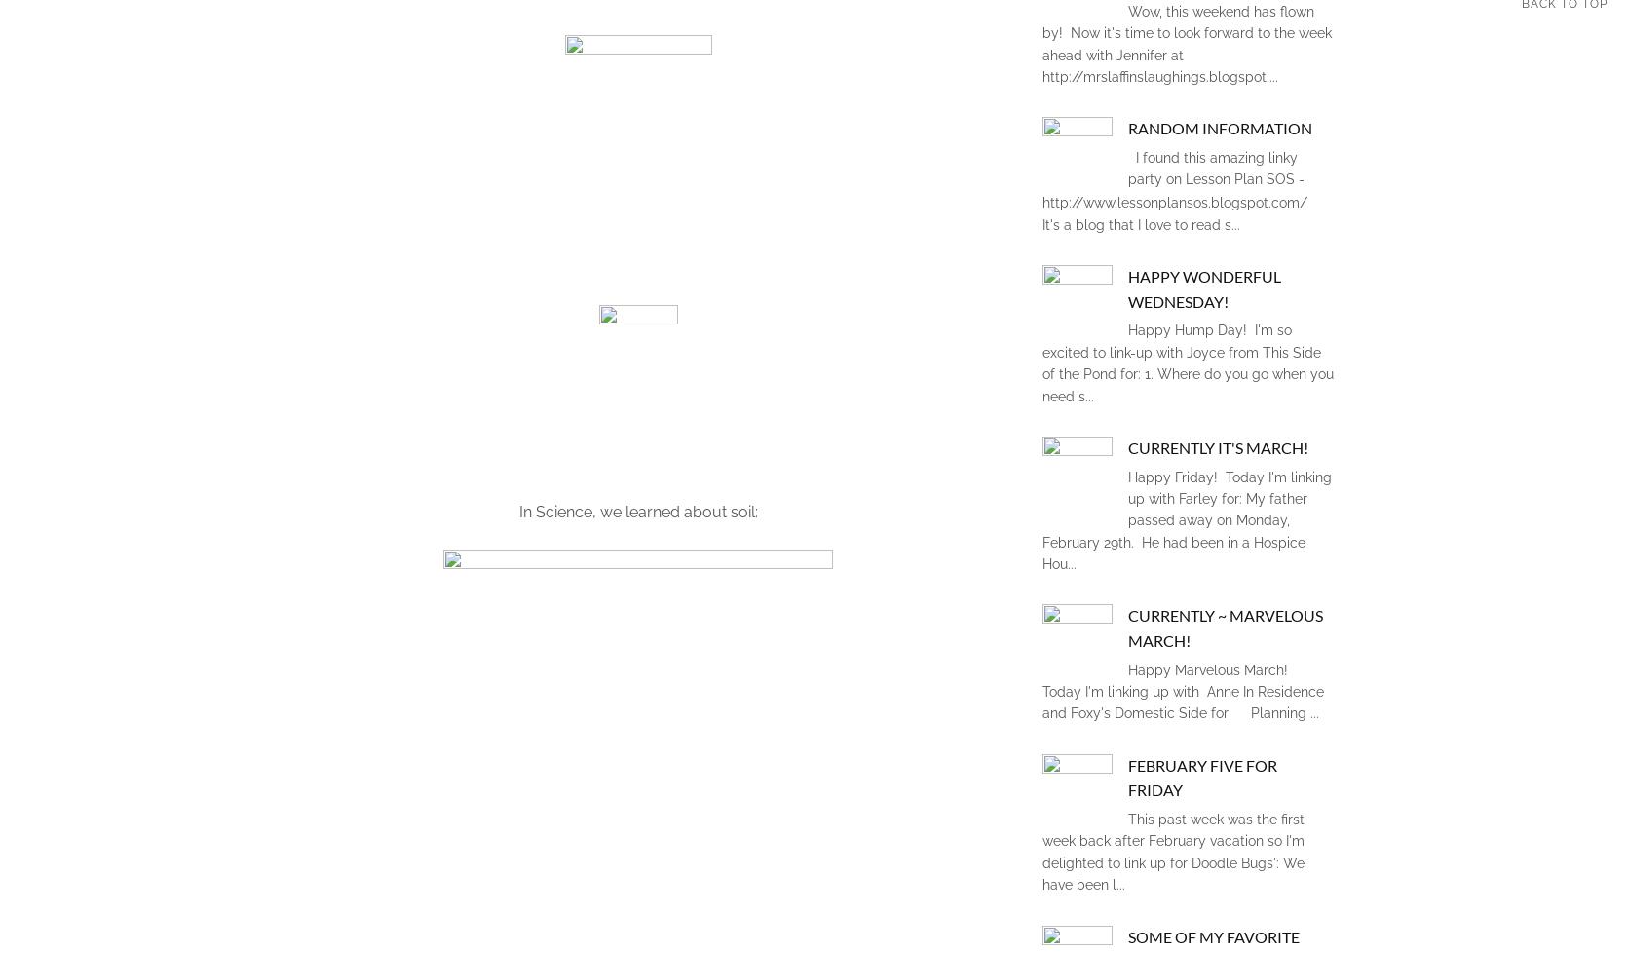 The height and width of the screenshot is (953, 1627). What do you see at coordinates (1041, 519) in the screenshot?
I see `'Happy Friday!  Today I'm linking up with Farley for:      My father passed away on Monday, February 29th.  He had been in a Hospice Hou...'` at bounding box center [1041, 519].